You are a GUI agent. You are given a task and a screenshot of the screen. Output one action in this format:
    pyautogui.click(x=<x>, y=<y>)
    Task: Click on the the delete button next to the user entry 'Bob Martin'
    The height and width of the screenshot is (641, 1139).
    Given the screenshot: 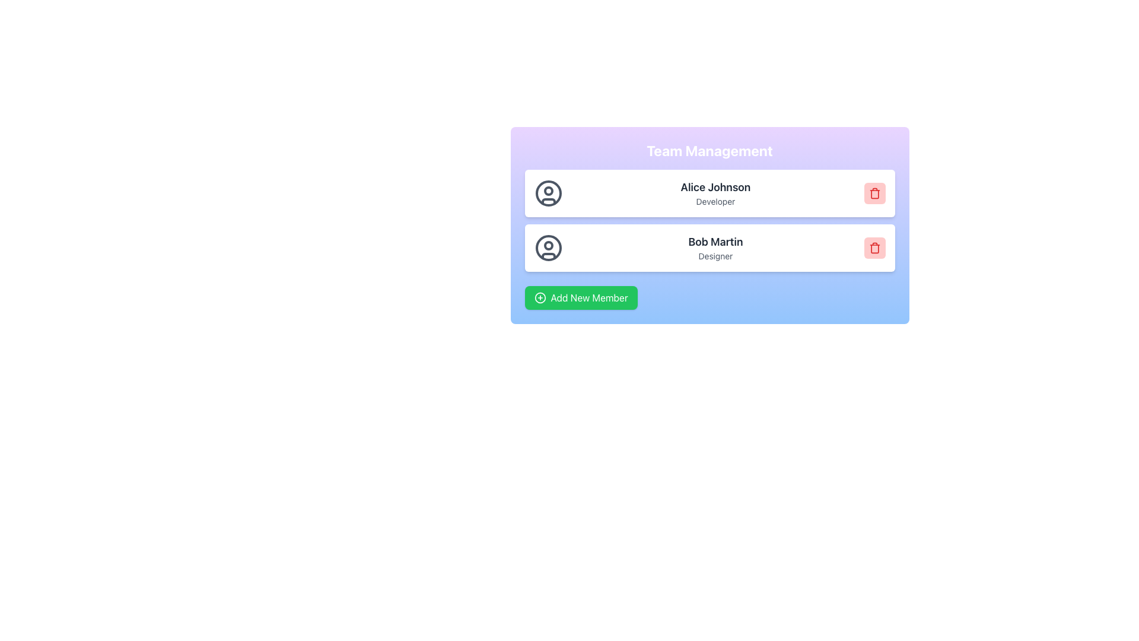 What is the action you would take?
    pyautogui.click(x=874, y=247)
    